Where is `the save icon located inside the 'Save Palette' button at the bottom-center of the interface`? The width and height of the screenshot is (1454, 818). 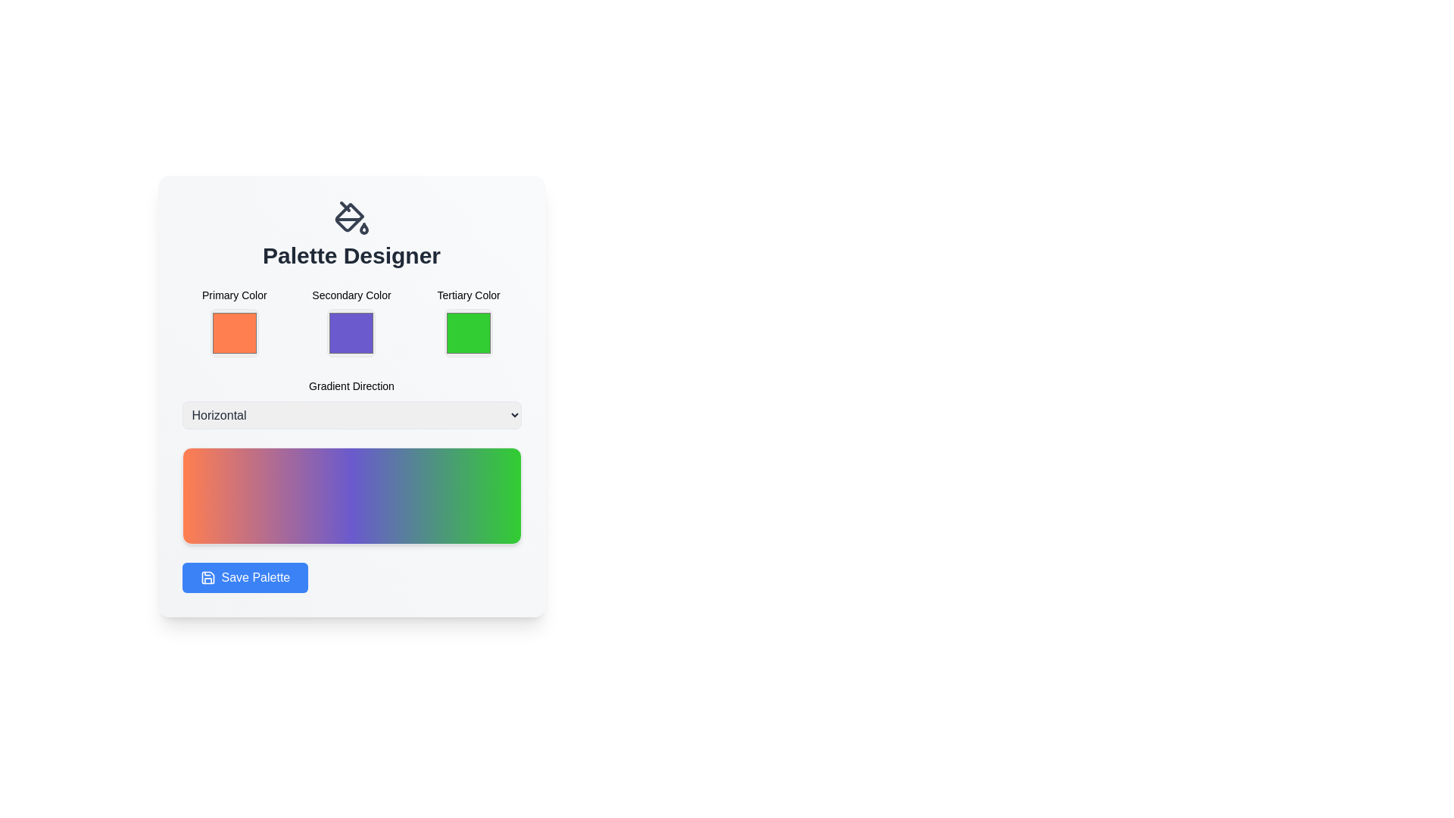 the save icon located inside the 'Save Palette' button at the bottom-center of the interface is located at coordinates (207, 578).